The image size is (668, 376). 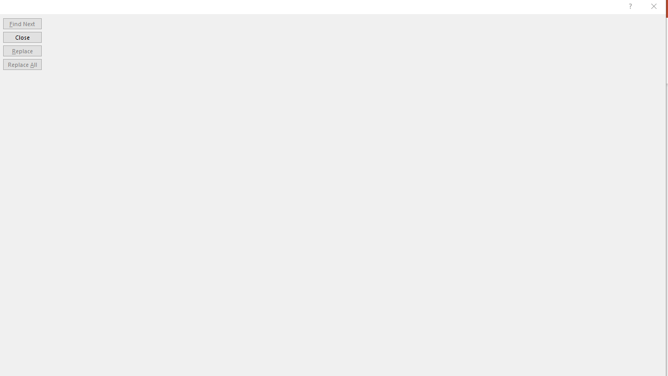 I want to click on 'Replace All', so click(x=22, y=64).